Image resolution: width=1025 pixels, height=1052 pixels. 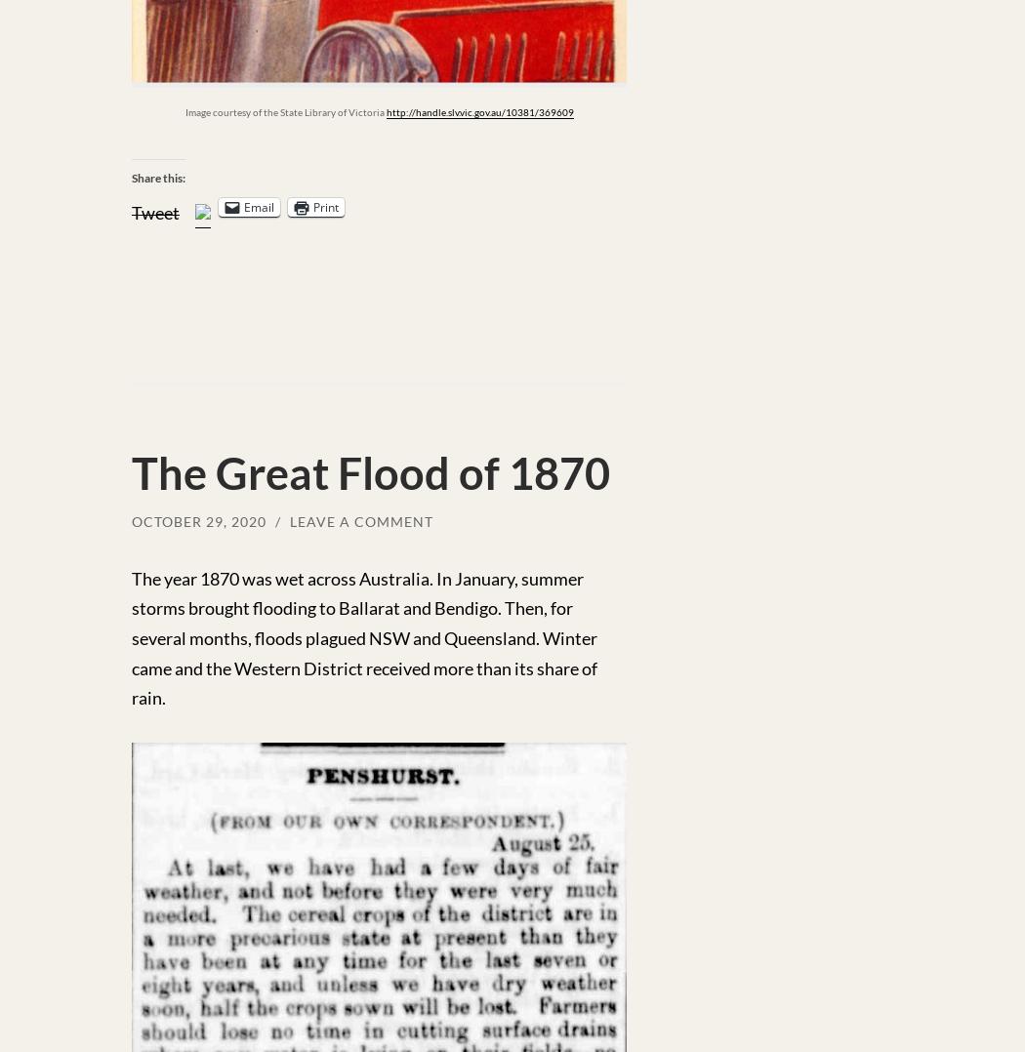 What do you see at coordinates (284, 110) in the screenshot?
I see `'Image courtesy of the State Library of Victoria'` at bounding box center [284, 110].